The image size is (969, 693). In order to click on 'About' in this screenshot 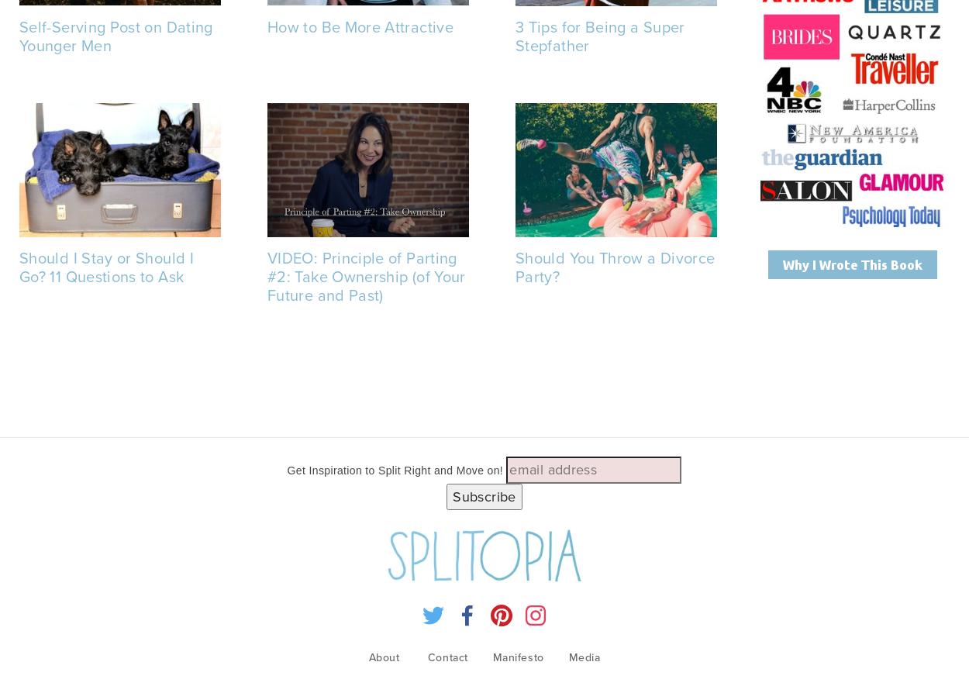, I will do `click(383, 657)`.